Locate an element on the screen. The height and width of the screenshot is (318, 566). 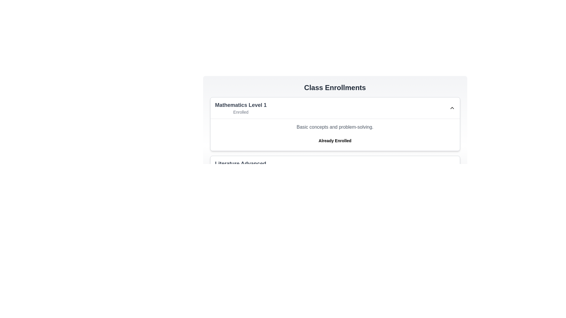
the compound text label component titled 'Mathematics Level 1' with the status indicator 'Enrolled' located in the top-left region of the 'Class Enrollments' section is located at coordinates (241, 108).